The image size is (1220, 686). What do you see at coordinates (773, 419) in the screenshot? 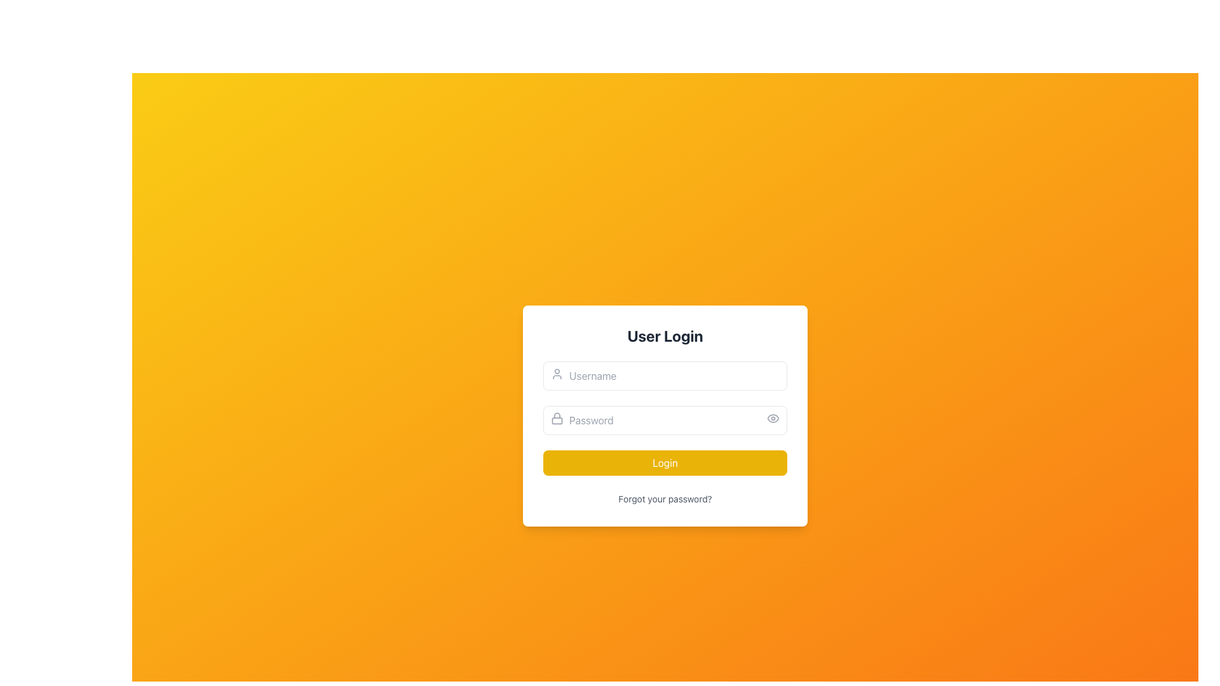
I see `the outer elliptical contour component of the eye icon used for toggling password visibility in the password input field, located to the right of the password input field within the user login form` at bounding box center [773, 419].